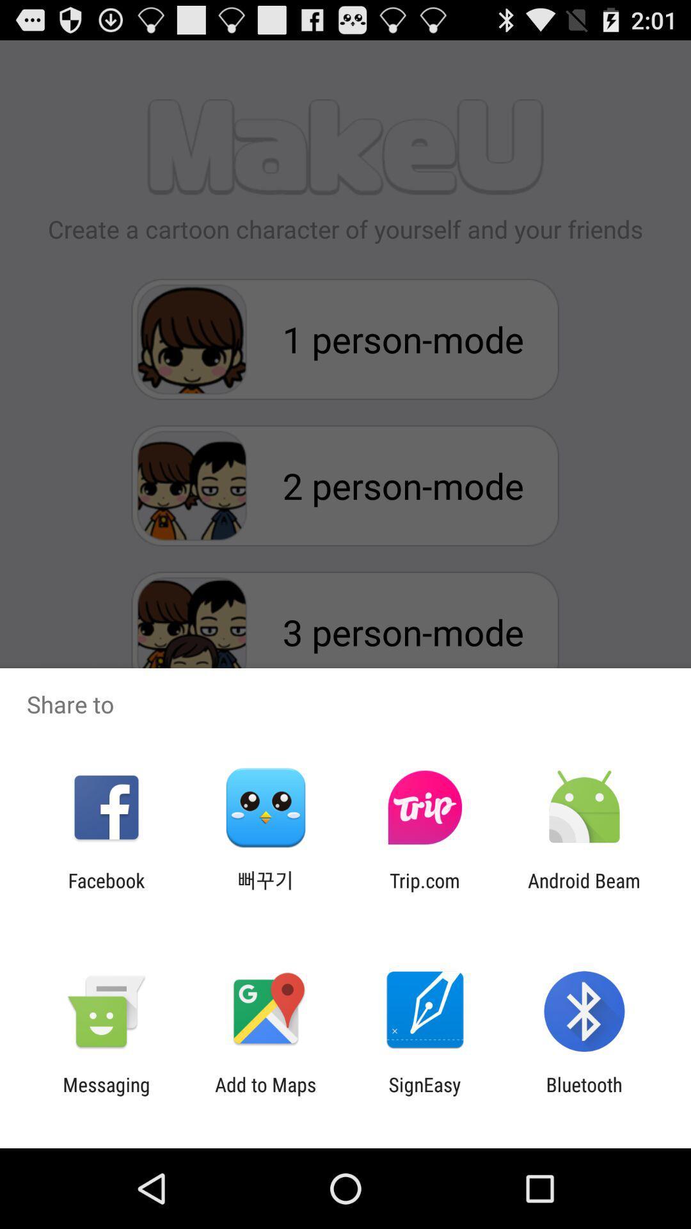 Image resolution: width=691 pixels, height=1229 pixels. Describe the element at coordinates (265, 891) in the screenshot. I see `the item next to the facebook item` at that location.